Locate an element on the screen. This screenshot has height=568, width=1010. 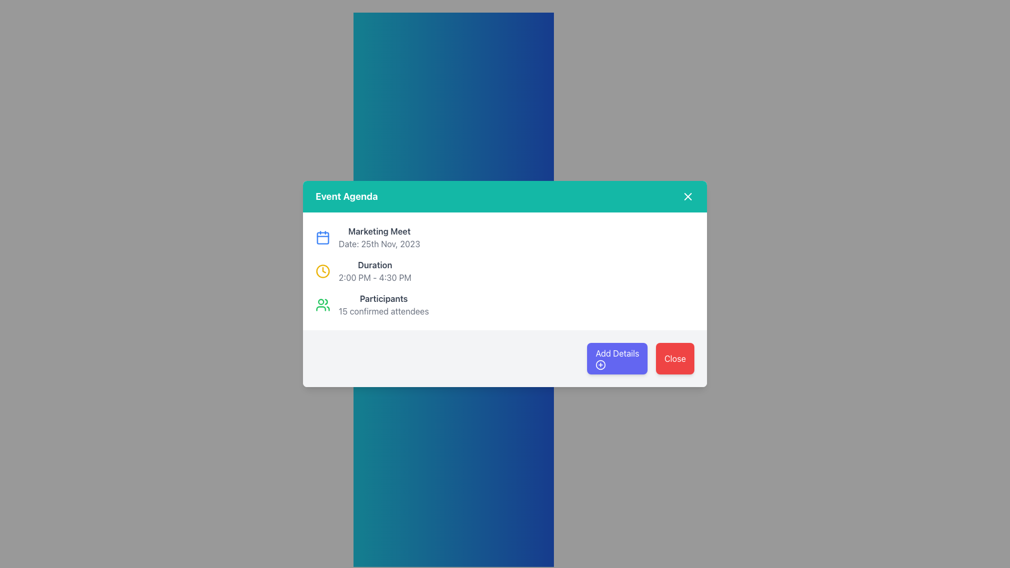
the SVG-based graphical button shaped like a diagonal cross ('X') in the top-right corner of the teal-colored header bar is located at coordinates (688, 197).